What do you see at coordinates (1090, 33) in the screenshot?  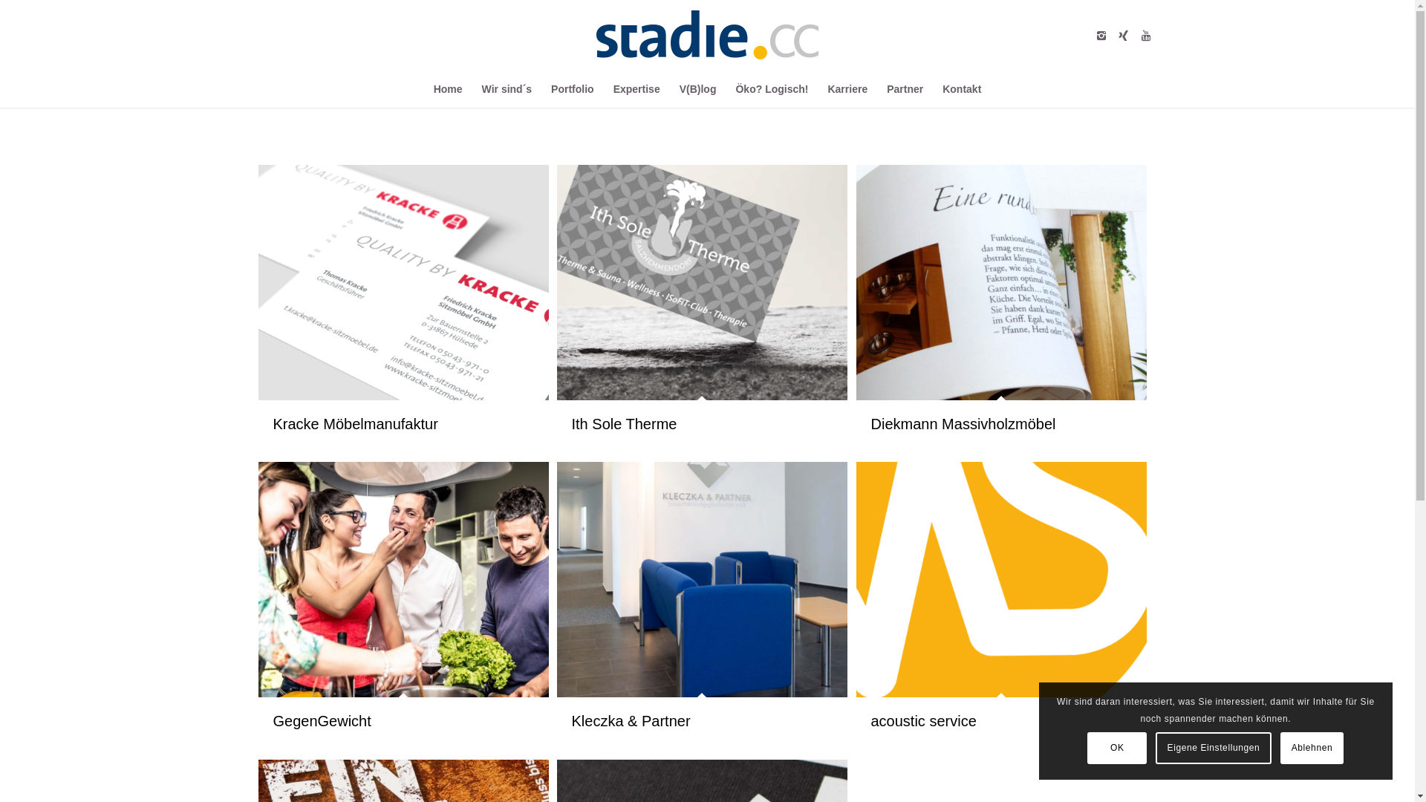 I see `'Instagram'` at bounding box center [1090, 33].